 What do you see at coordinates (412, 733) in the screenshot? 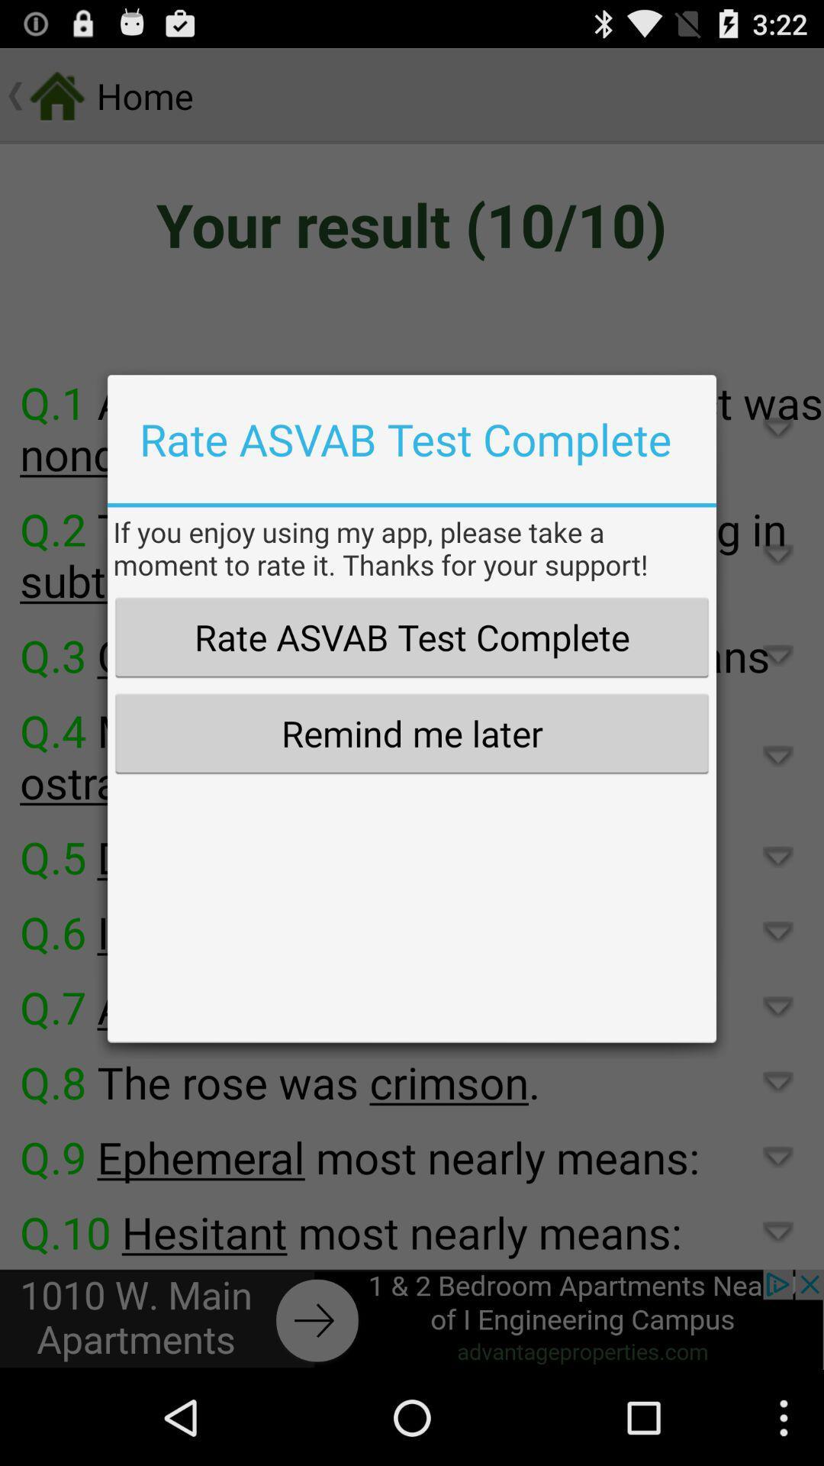
I see `the remind me later item` at bounding box center [412, 733].